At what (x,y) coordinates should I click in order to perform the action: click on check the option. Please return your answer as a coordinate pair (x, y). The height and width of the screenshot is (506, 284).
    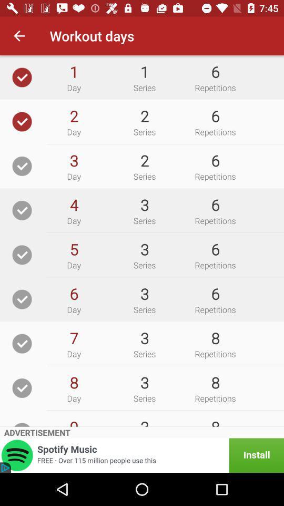
    Looking at the image, I should click on (22, 76).